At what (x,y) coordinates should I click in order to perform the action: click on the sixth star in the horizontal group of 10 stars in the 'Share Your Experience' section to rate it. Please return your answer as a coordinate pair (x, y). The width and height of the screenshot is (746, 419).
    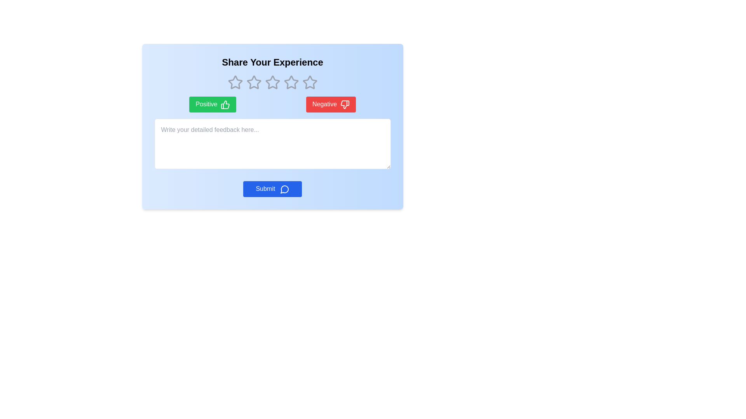
    Looking at the image, I should click on (291, 82).